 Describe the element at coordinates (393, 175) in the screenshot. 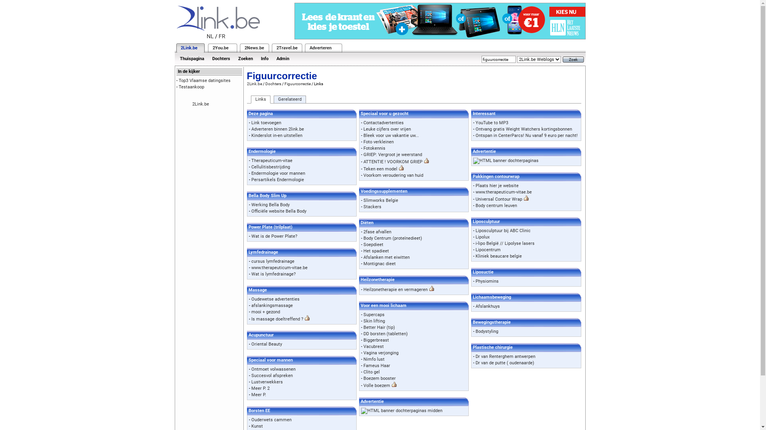

I see `'Voorkom veroudering van huid'` at that location.